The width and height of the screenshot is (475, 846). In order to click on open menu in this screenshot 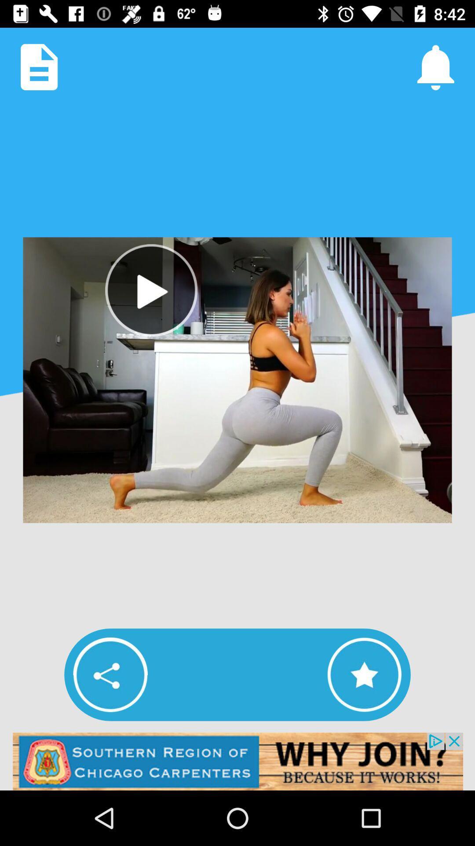, I will do `click(39, 67)`.